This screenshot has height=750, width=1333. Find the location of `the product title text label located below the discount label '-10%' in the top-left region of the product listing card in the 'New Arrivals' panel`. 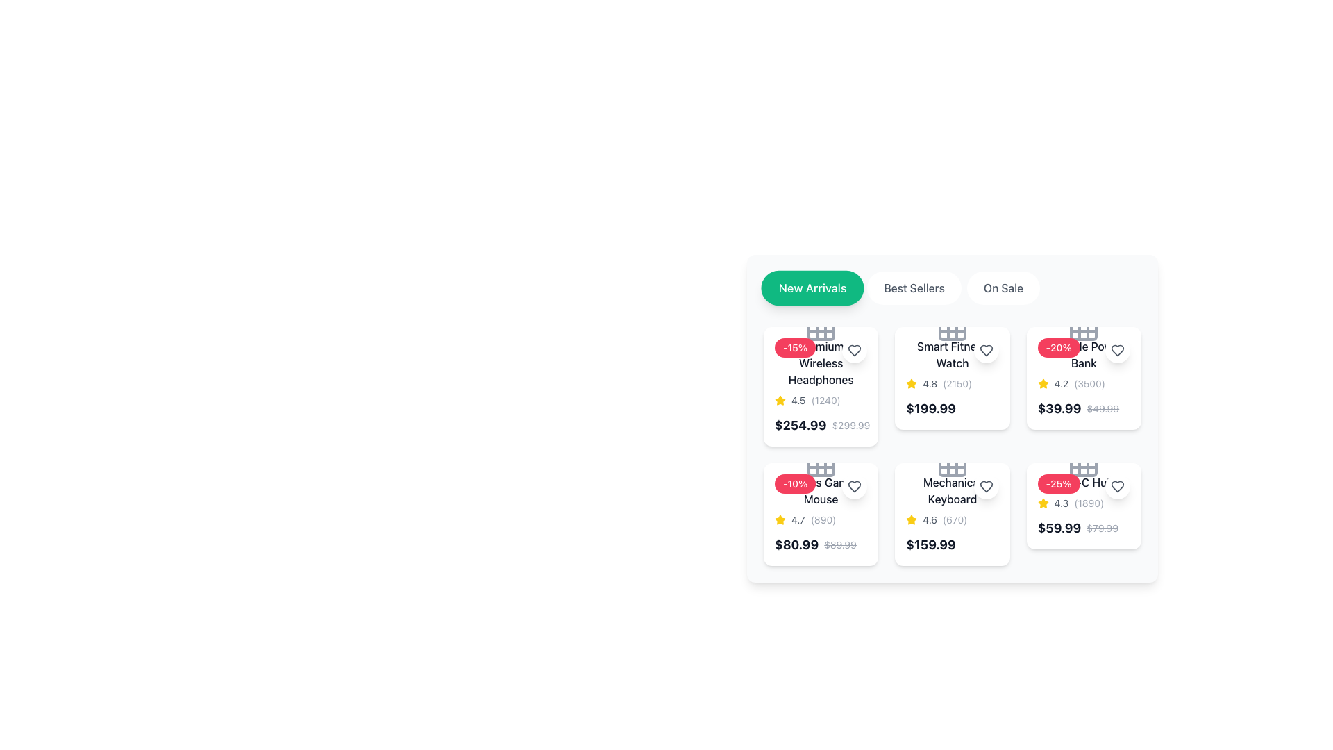

the product title text label located below the discount label '-10%' in the top-left region of the product listing card in the 'New Arrivals' panel is located at coordinates (821, 490).